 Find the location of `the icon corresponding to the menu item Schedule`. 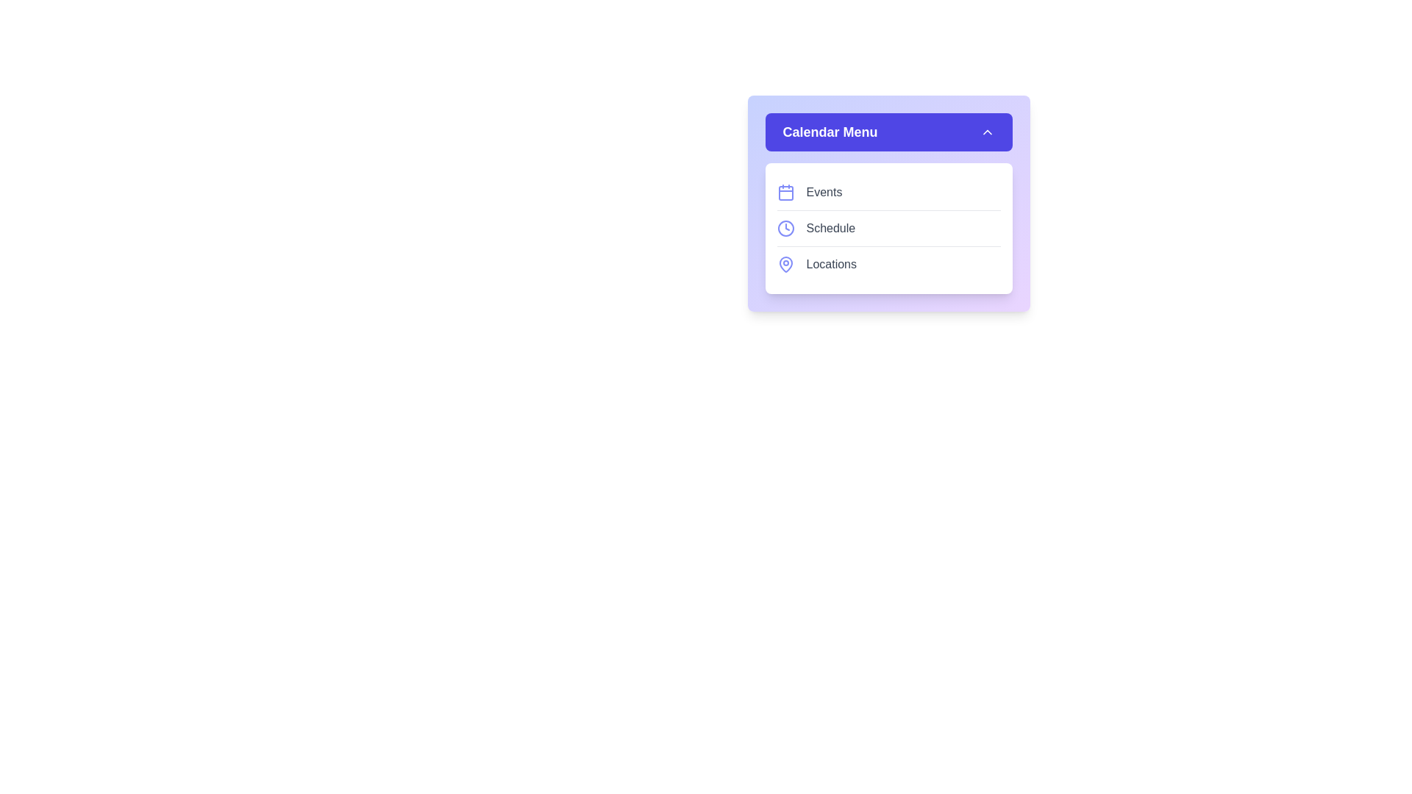

the icon corresponding to the menu item Schedule is located at coordinates (785, 229).